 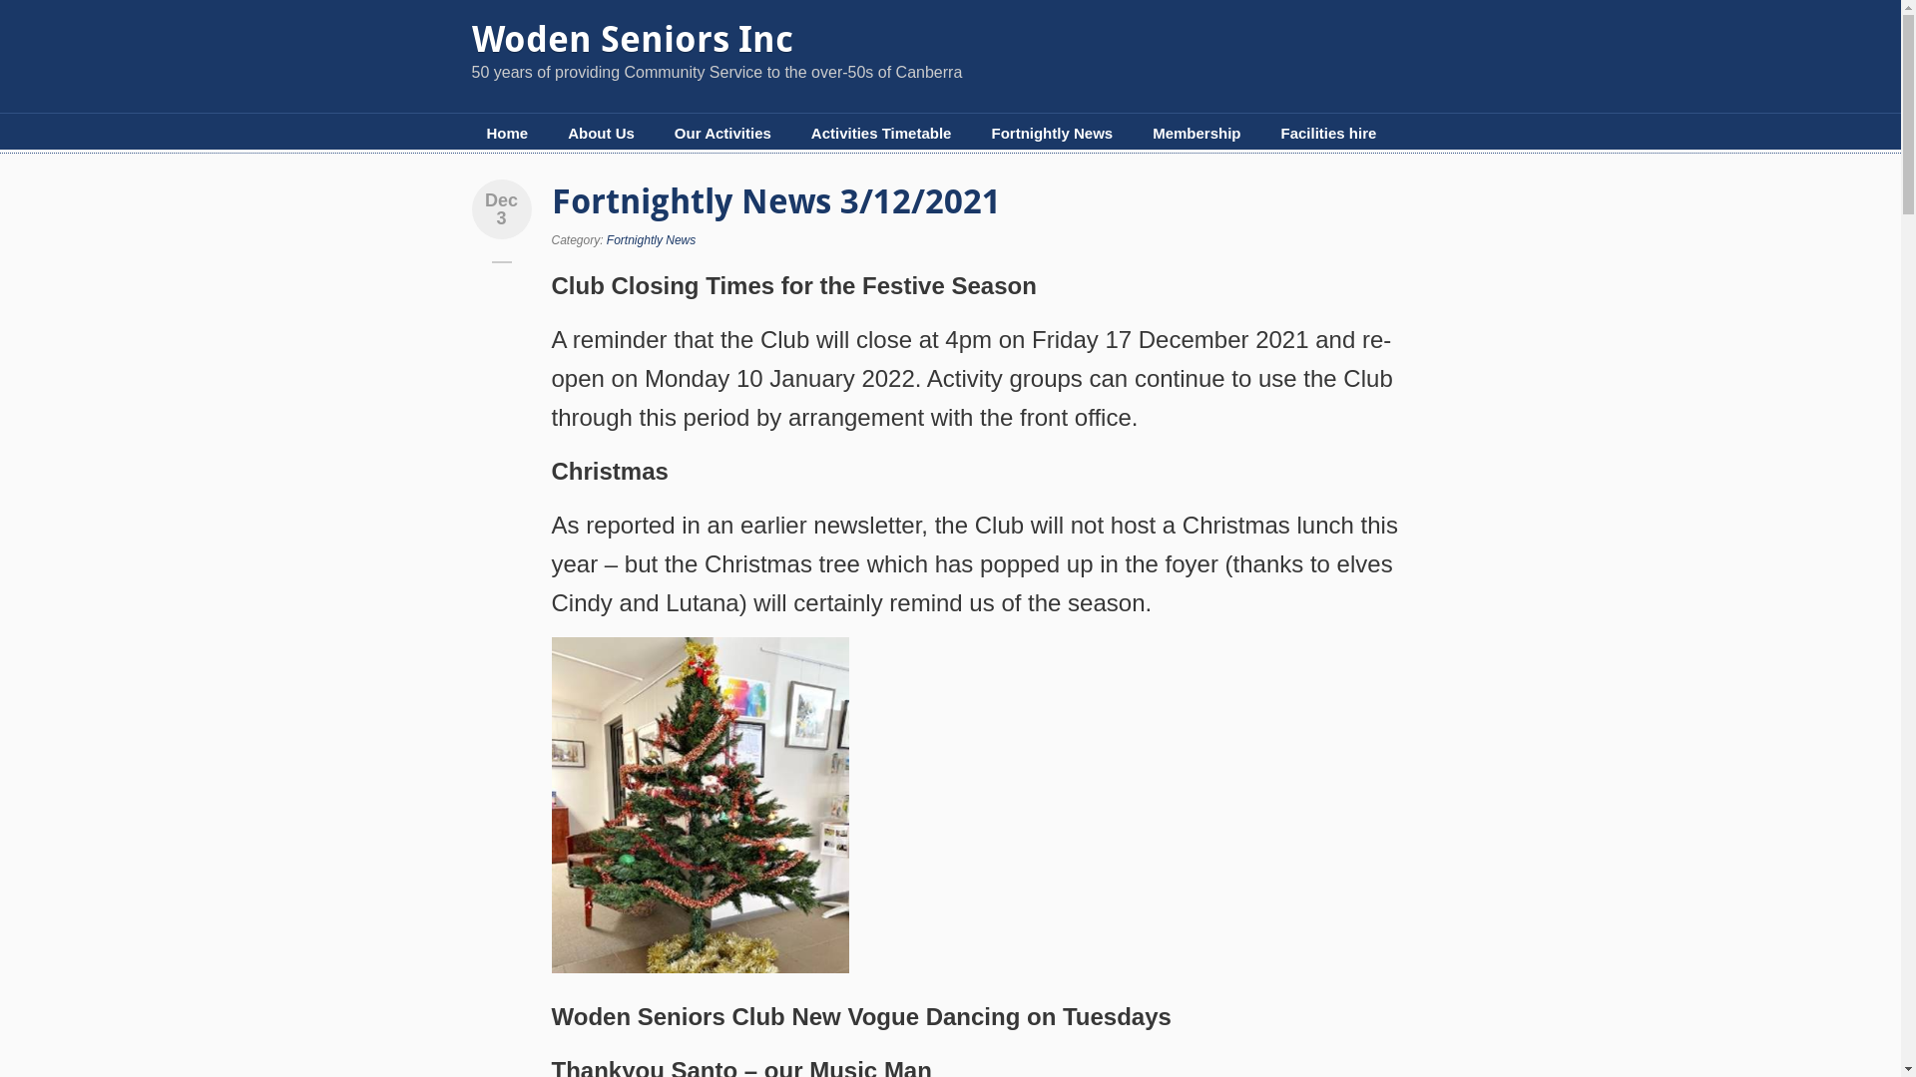 What do you see at coordinates (1197, 134) in the screenshot?
I see `'Membership'` at bounding box center [1197, 134].